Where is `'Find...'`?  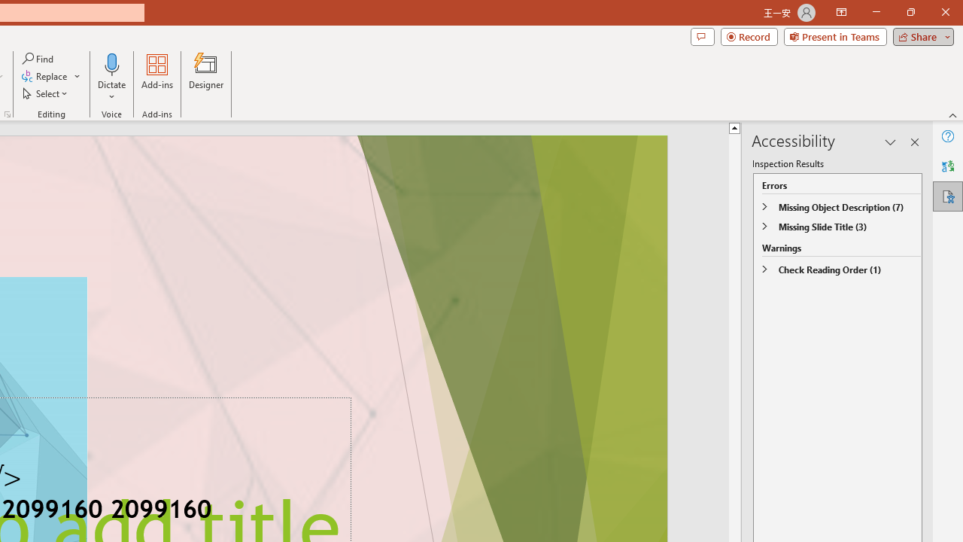
'Find...' is located at coordinates (38, 58).